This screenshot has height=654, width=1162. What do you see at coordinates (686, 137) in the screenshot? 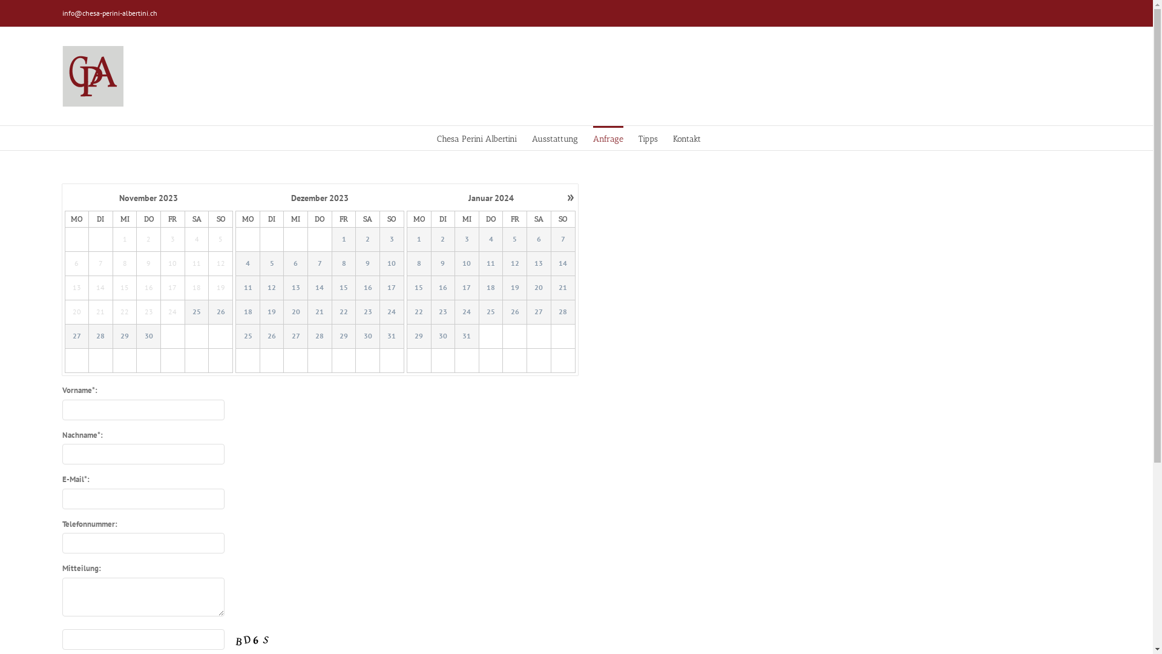
I see `'Kontakt'` at bounding box center [686, 137].